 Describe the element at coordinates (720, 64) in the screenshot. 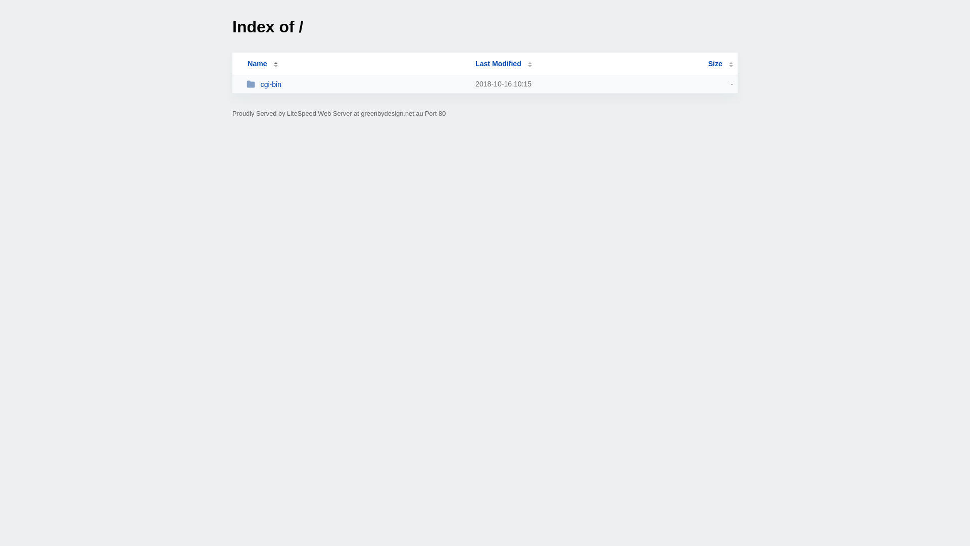

I see `'Size'` at that location.